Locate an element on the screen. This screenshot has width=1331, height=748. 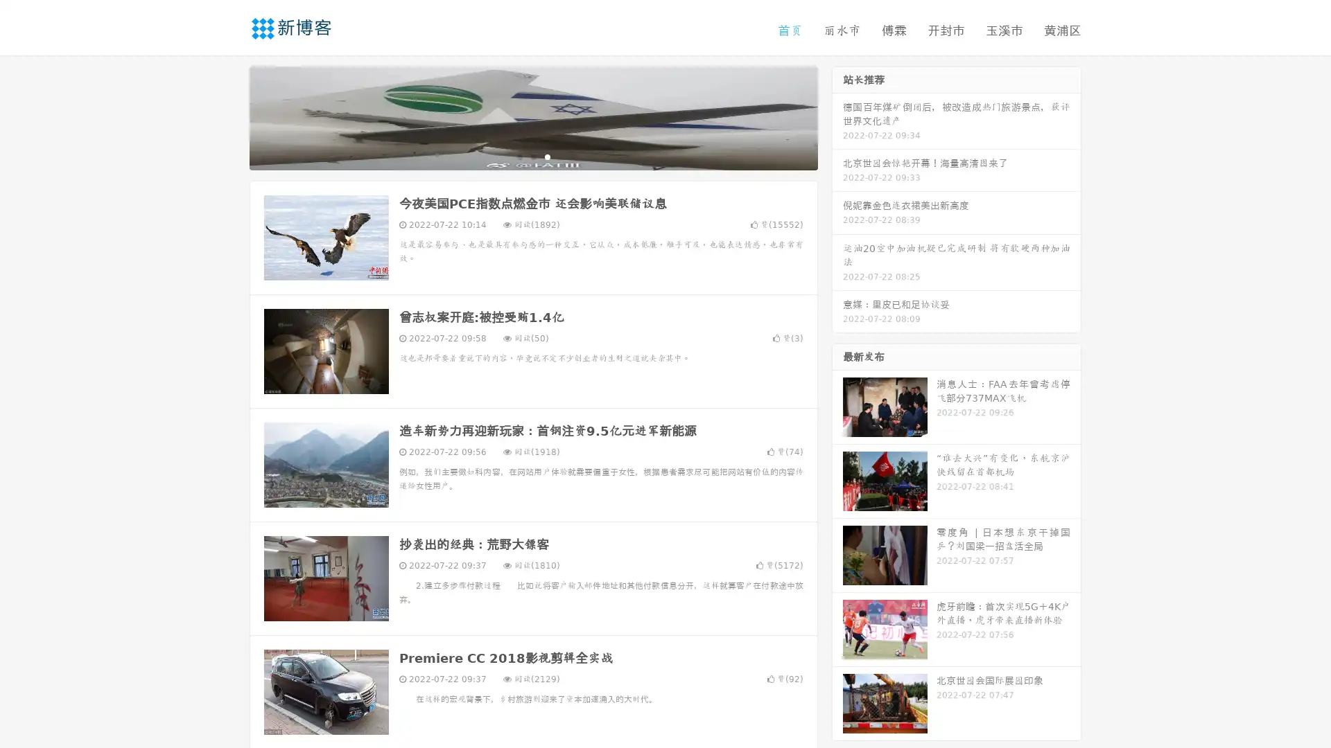
Previous slide is located at coordinates (229, 116).